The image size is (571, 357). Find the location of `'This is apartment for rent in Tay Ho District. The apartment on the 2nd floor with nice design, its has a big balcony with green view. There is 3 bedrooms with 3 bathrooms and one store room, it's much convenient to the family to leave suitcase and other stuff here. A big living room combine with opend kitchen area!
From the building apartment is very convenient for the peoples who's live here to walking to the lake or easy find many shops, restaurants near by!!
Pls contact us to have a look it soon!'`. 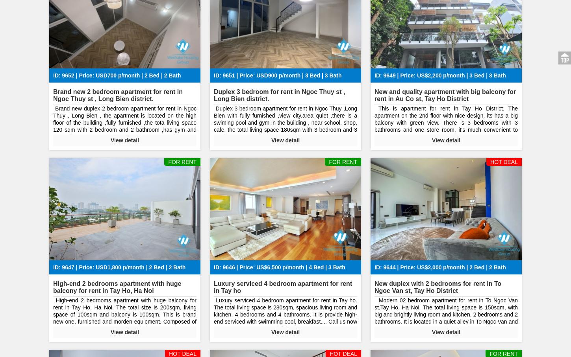

'This is apartment for rent in Tay Ho District. The apartment on the 2nd floor with nice design, its has a big balcony with green view. There is 3 bedrooms with 3 bathrooms and one store room, it's much convenient to the family to leave suitcase and other stuff here. A big living room combine with opend kitchen area!
From the building apartment is very convenient for the peoples who's live here to walking to the lake or easy find many shops, restaurants near by!!
Pls contact us to have a look it soon!' is located at coordinates (446, 140).